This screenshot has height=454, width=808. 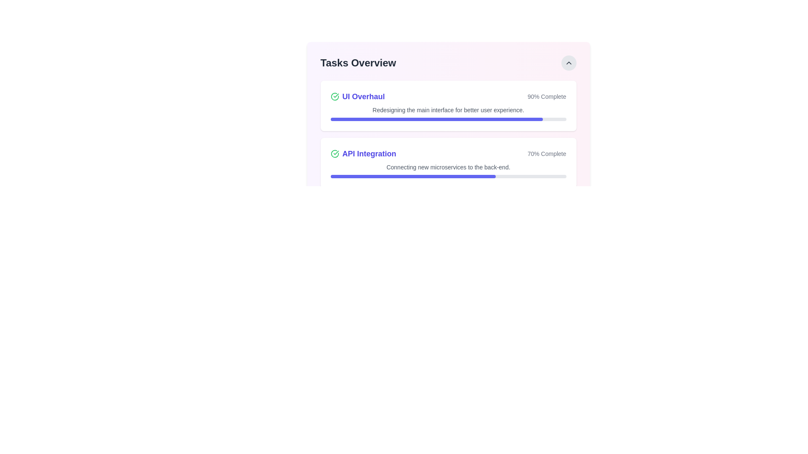 I want to click on the task summary entry labeled 'UI Overhaul' which indicates a completion status of '90% Complete'. This entry is the first in the task list, contained in a white box, positioned above 'API Integration', so click(x=448, y=96).